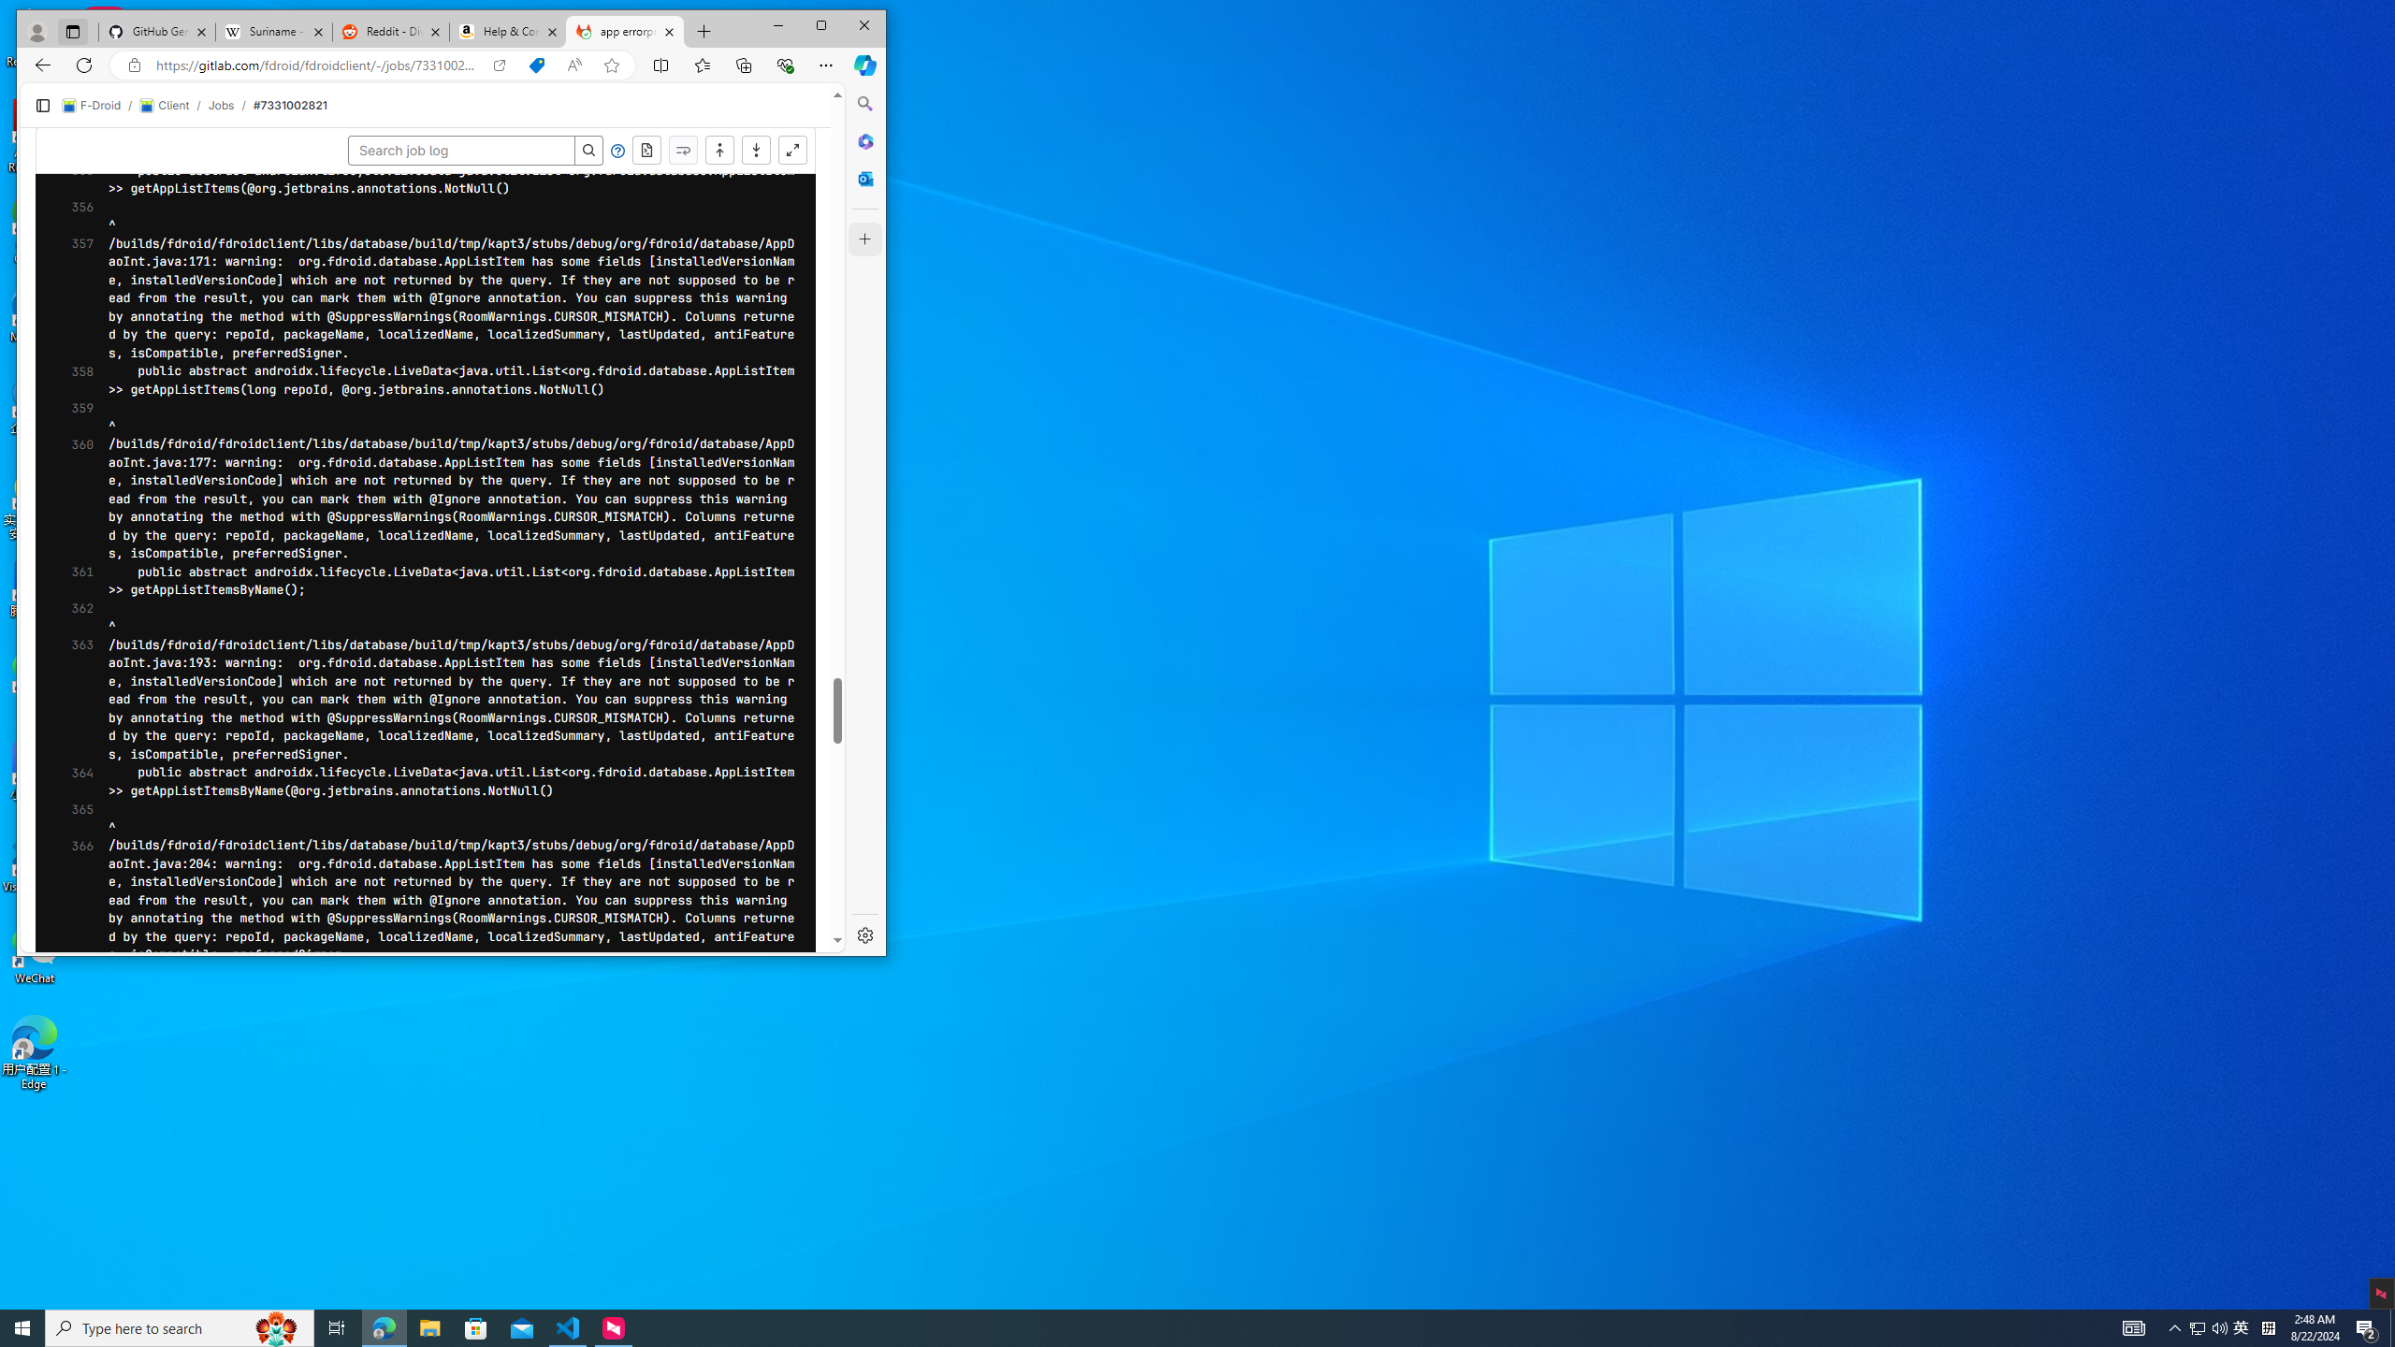 The width and height of the screenshot is (2395, 1347). What do you see at coordinates (428, 1326) in the screenshot?
I see `'File Explorer'` at bounding box center [428, 1326].